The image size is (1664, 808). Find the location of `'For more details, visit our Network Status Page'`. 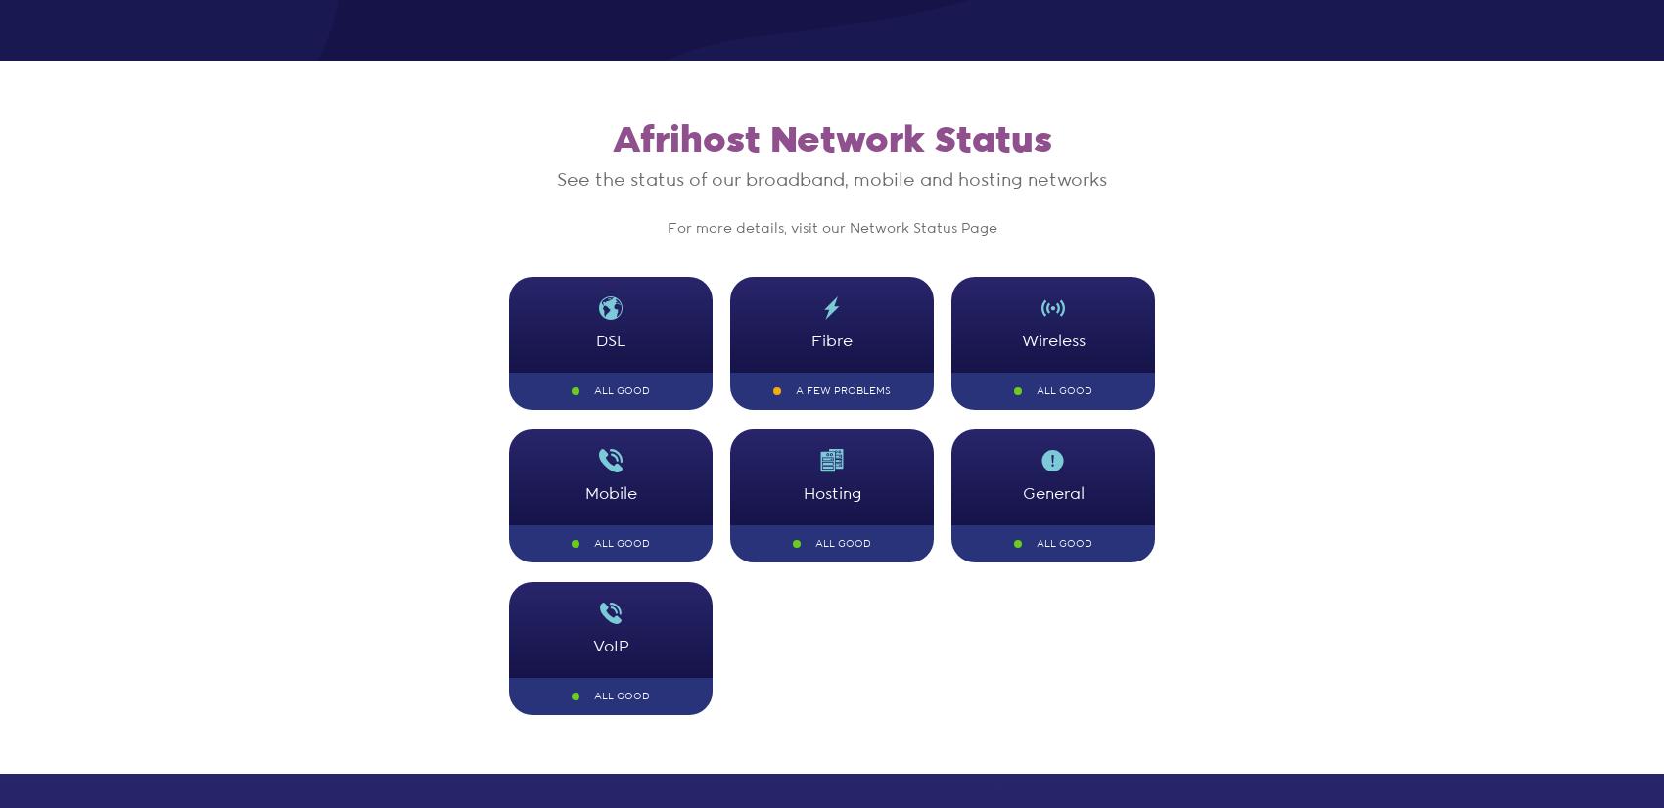

'For more details, visit our Network Status Page' is located at coordinates (830, 228).